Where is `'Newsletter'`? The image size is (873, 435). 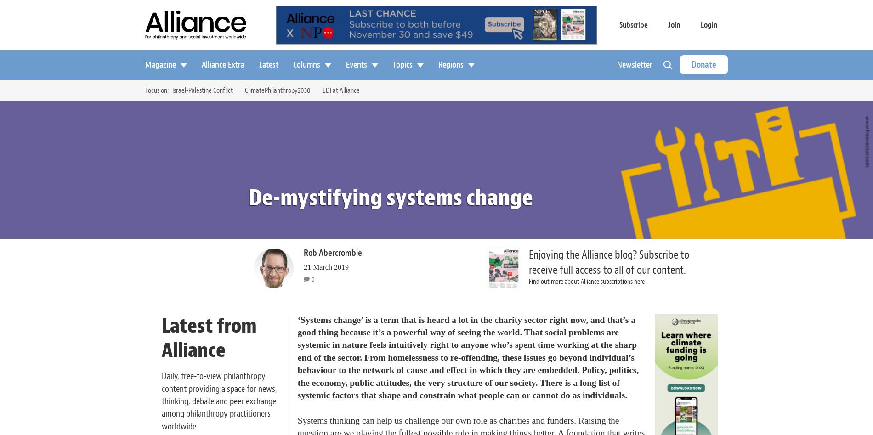
'Newsletter' is located at coordinates (634, 63).